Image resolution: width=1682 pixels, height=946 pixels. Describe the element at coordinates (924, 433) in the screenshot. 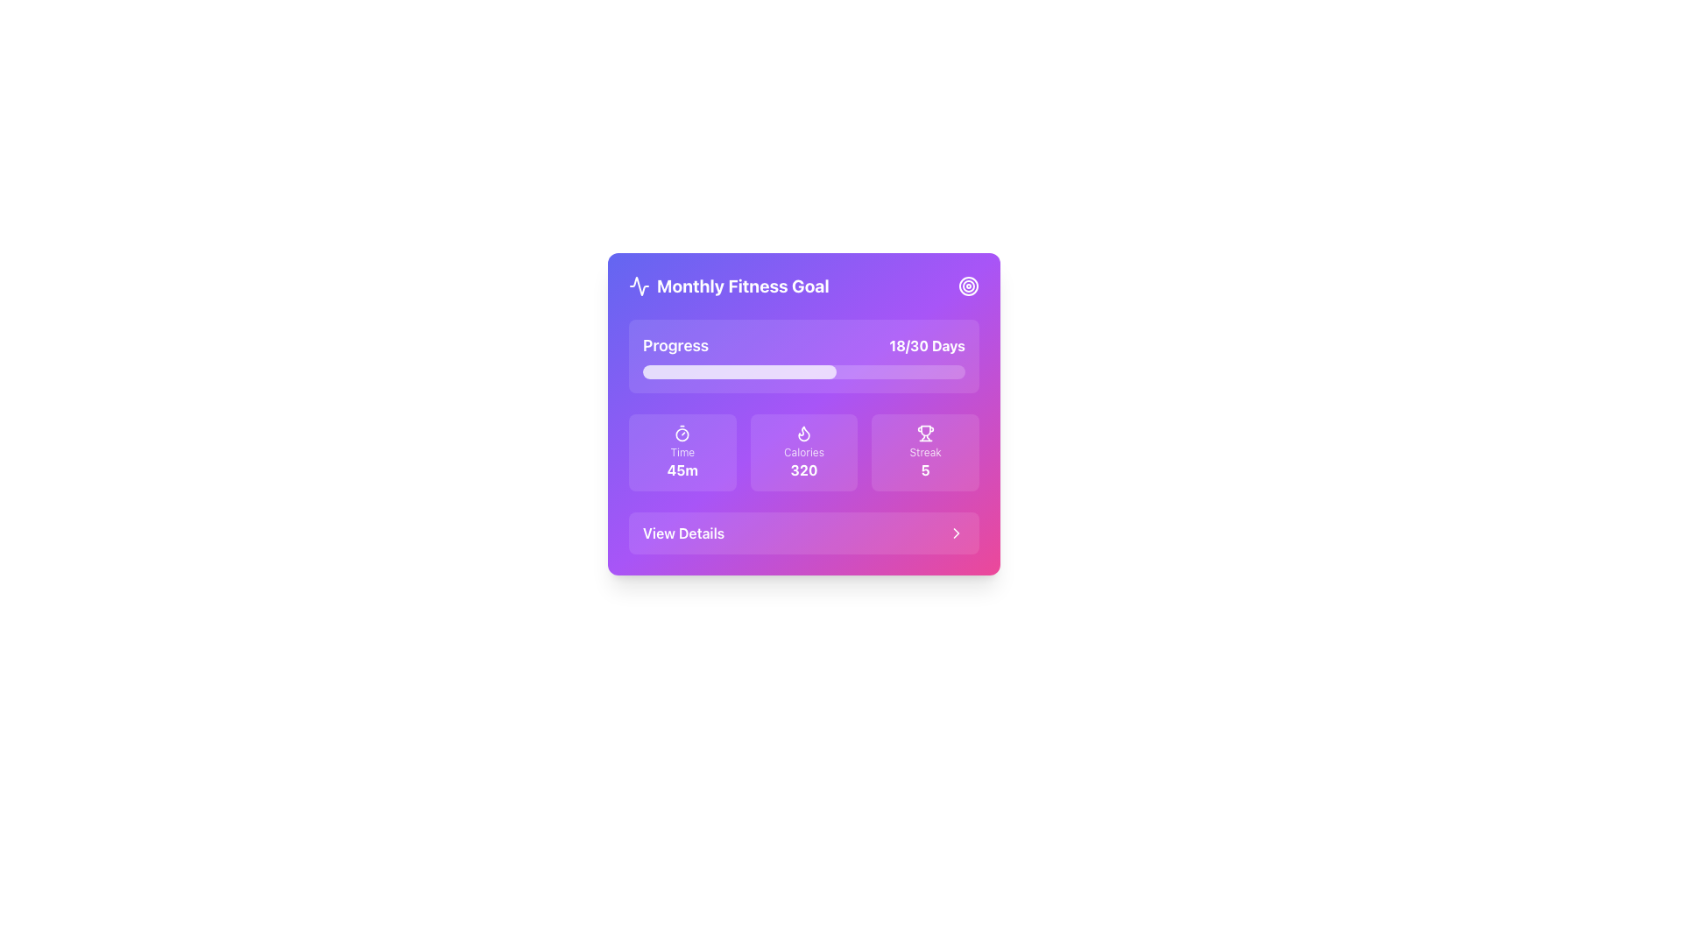

I see `the meaning of the trophy-shaped icon located` at that location.